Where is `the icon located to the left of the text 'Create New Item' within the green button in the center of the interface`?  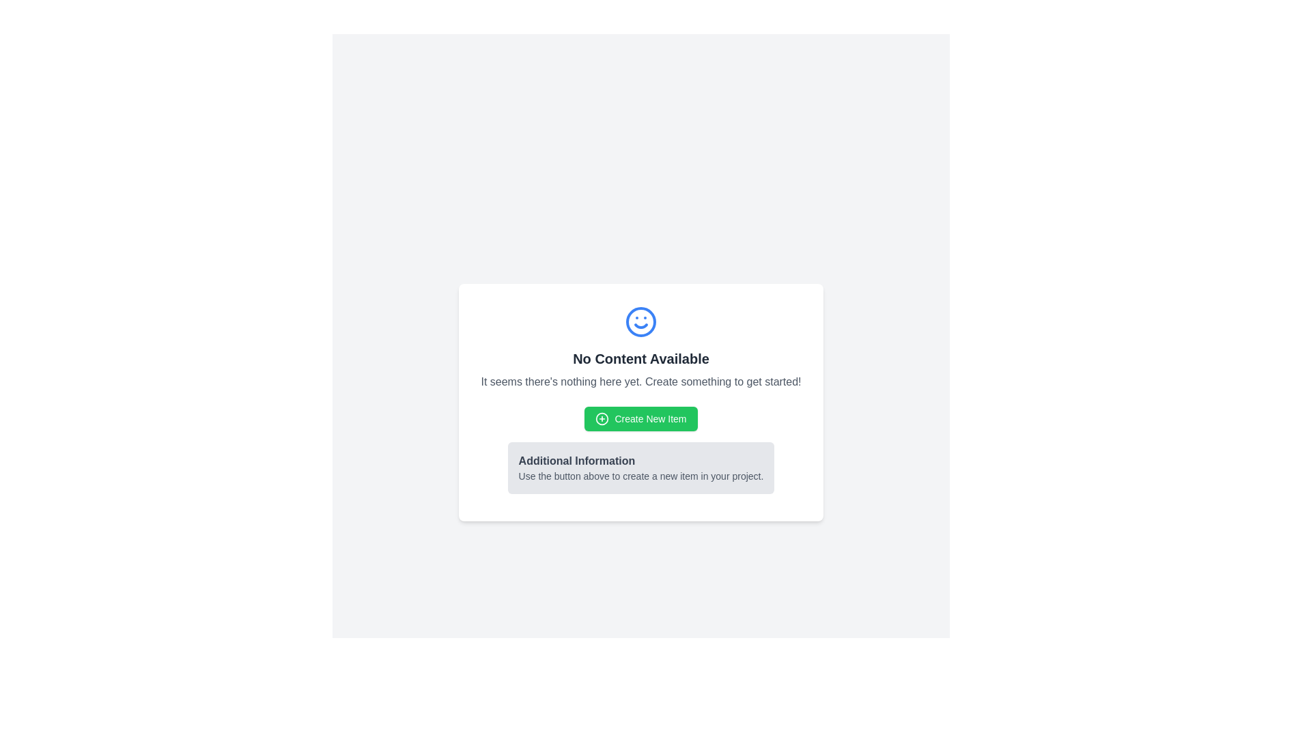 the icon located to the left of the text 'Create New Item' within the green button in the center of the interface is located at coordinates (602, 418).